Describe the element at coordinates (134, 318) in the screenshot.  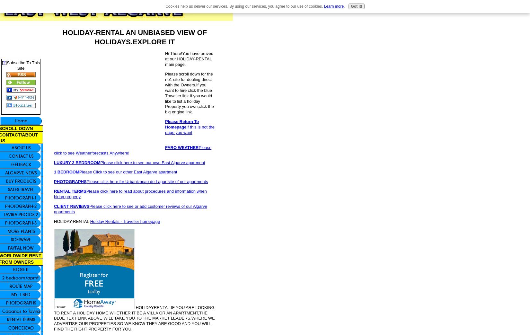
I see `'HOLIDAYRENTAL IF YOU ARE LOOKING TO RENT A HOLIDAY HOME WHETHER IT BE A VILLA OR AN APARTMENT,THE BLUE TEXT LINK ABOVE WILL TAKE YOU TO THE MARKET LEADERS.WHERE WE ADVERTISE OUR PROPERTIES SO WE KNOW THEY ARE GOOD AND YOU WILL FIND THE RIGHT PROPERTY FOR YOU.'` at that location.